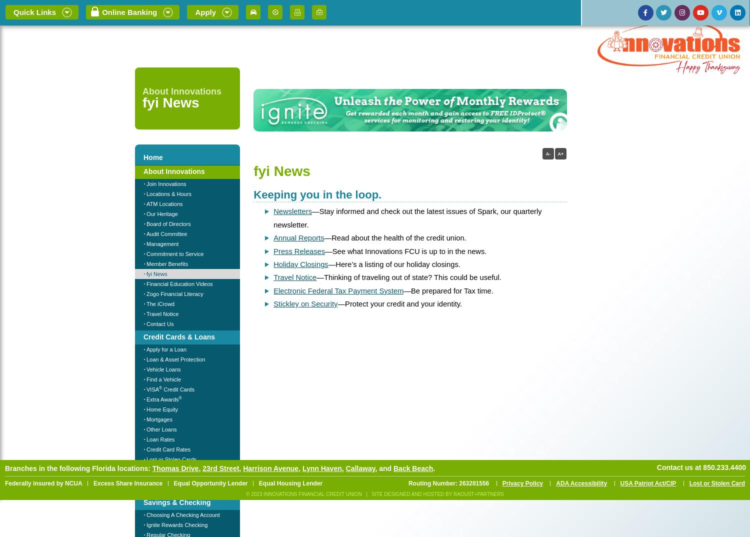 This screenshot has width=750, height=537. Describe the element at coordinates (522, 483) in the screenshot. I see `'Privacy Policy'` at that location.